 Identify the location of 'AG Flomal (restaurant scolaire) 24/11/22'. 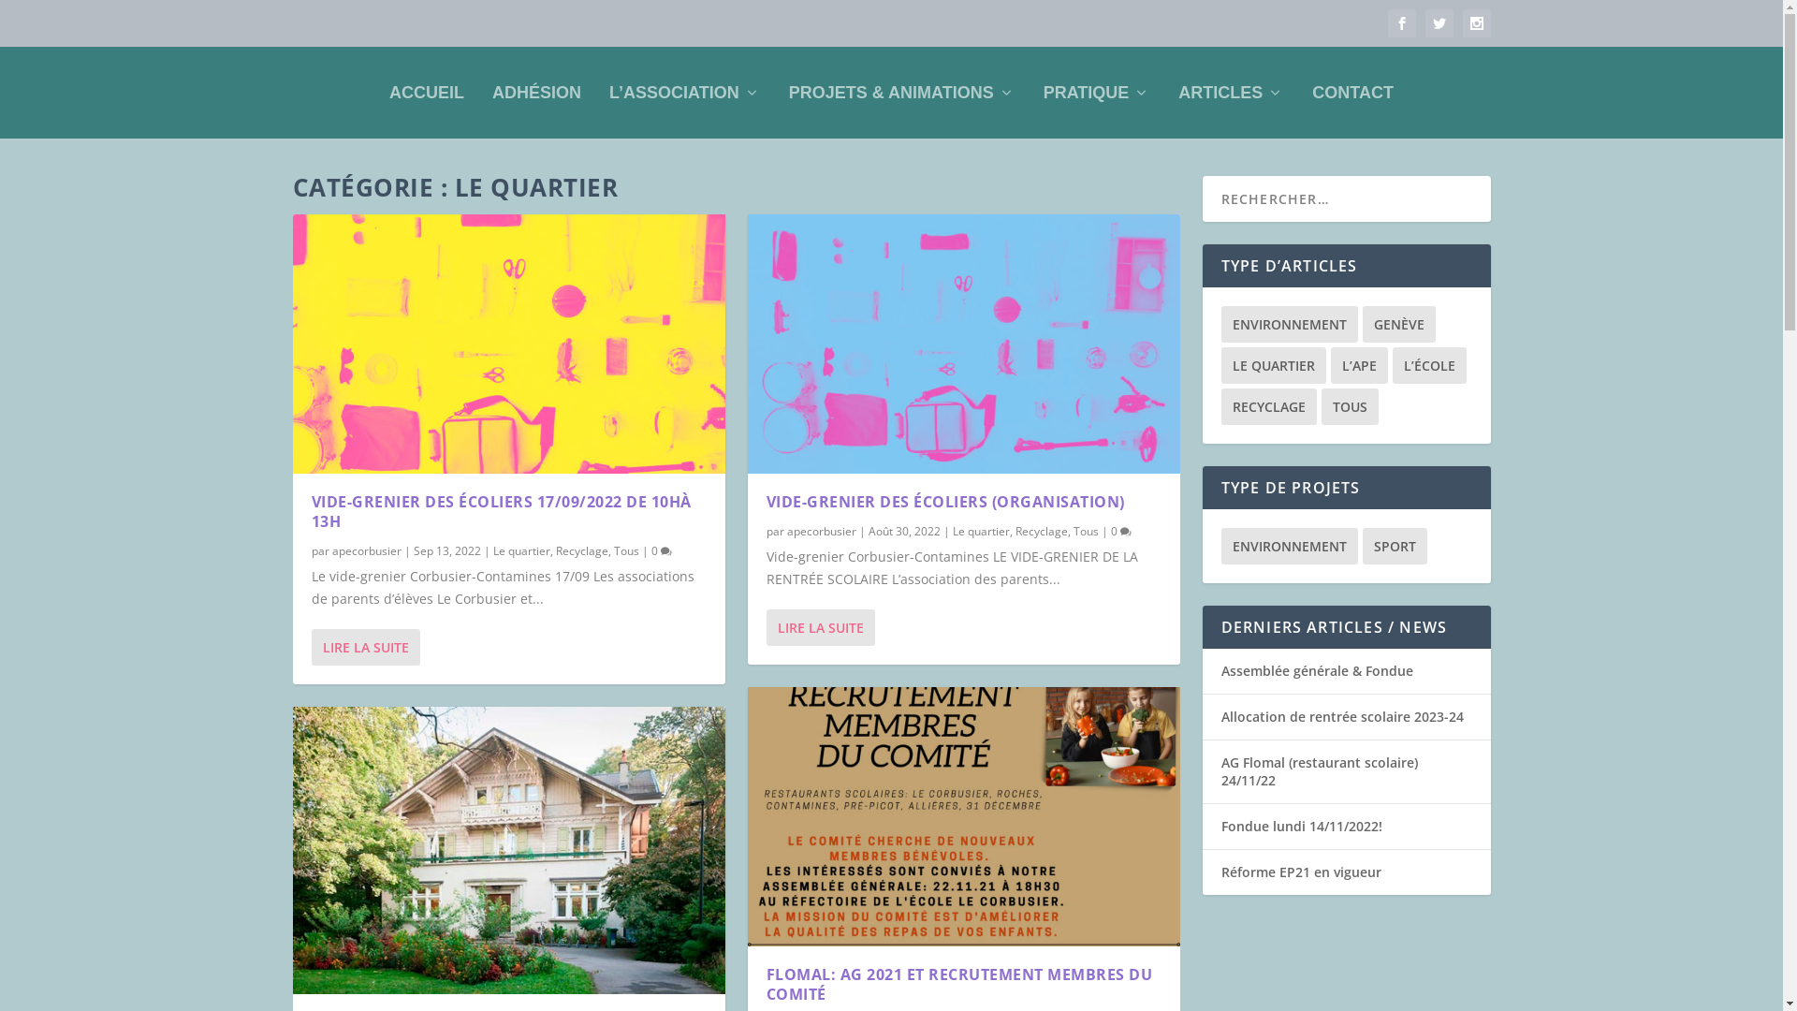
(1220, 770).